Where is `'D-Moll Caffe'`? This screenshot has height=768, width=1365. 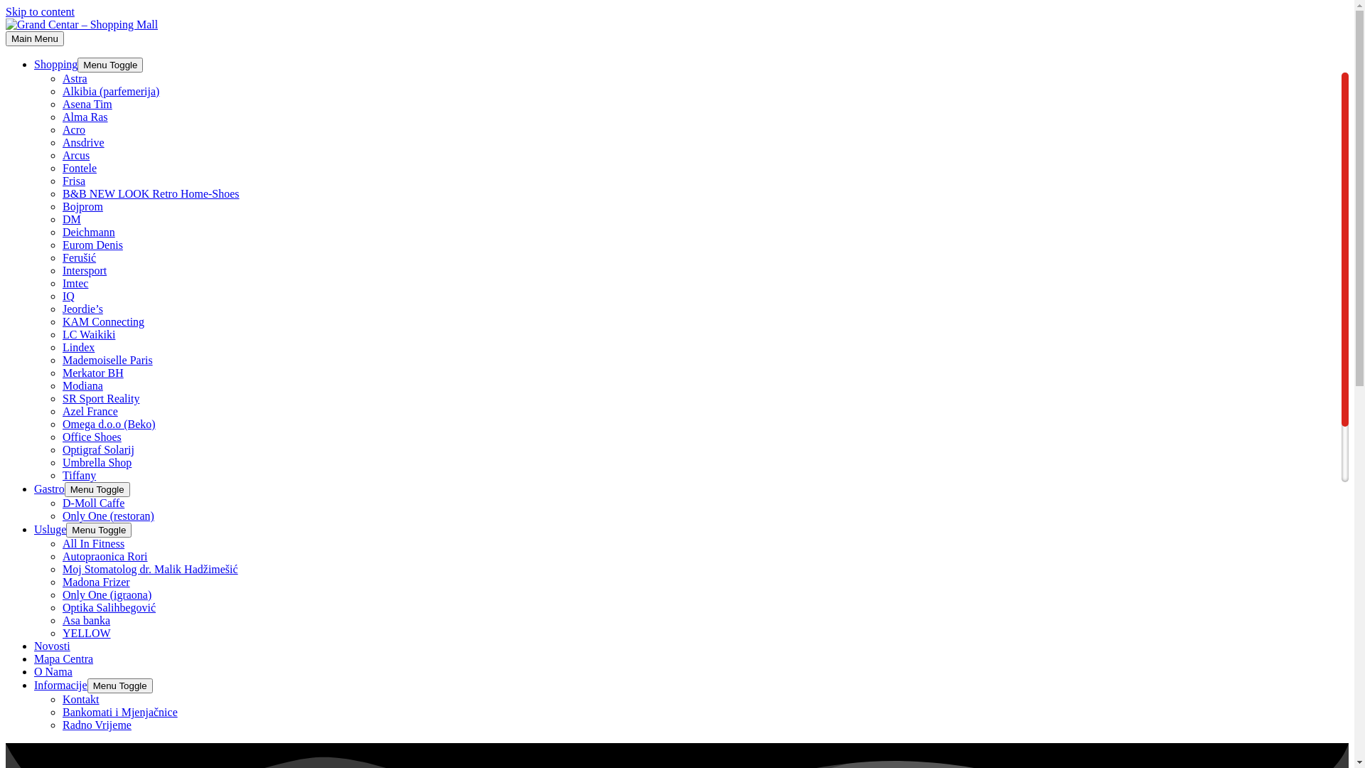 'D-Moll Caffe' is located at coordinates (92, 502).